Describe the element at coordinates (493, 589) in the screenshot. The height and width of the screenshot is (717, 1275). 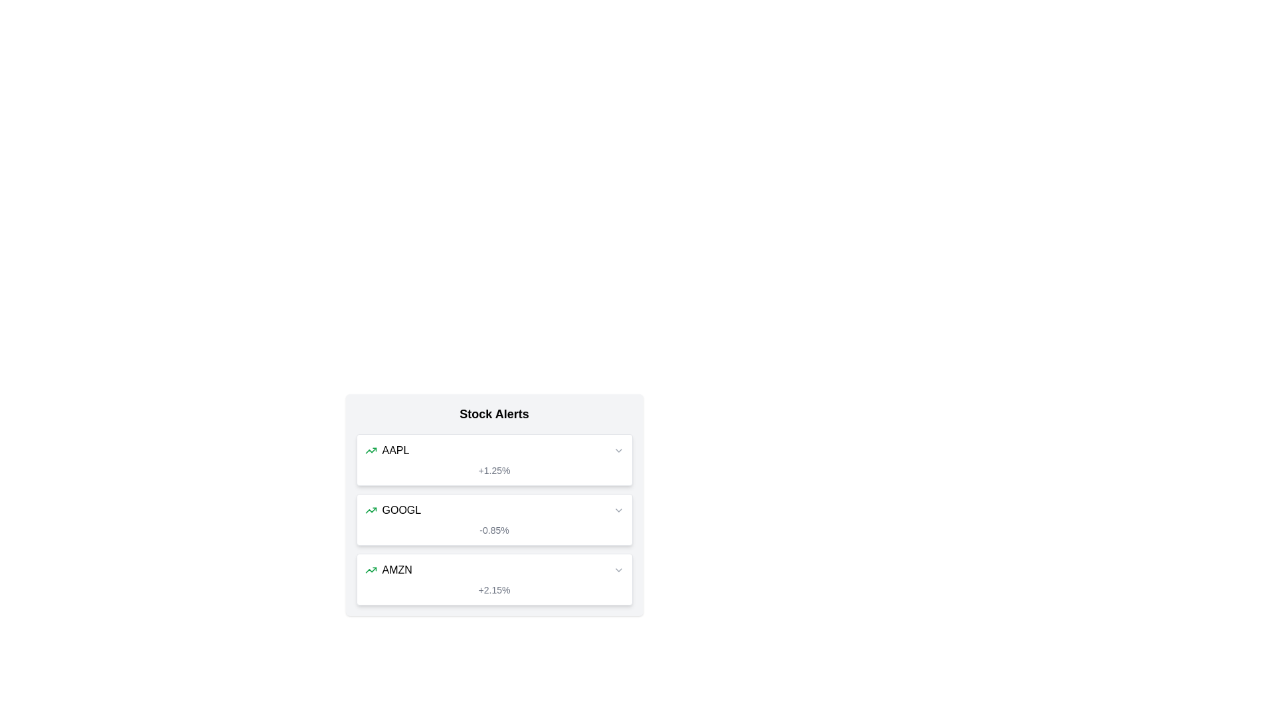
I see `the text label indicating a positive percentage change for the stock symbol 'AMZN' located at the bottom of the 'Stock Alerts' card` at that location.